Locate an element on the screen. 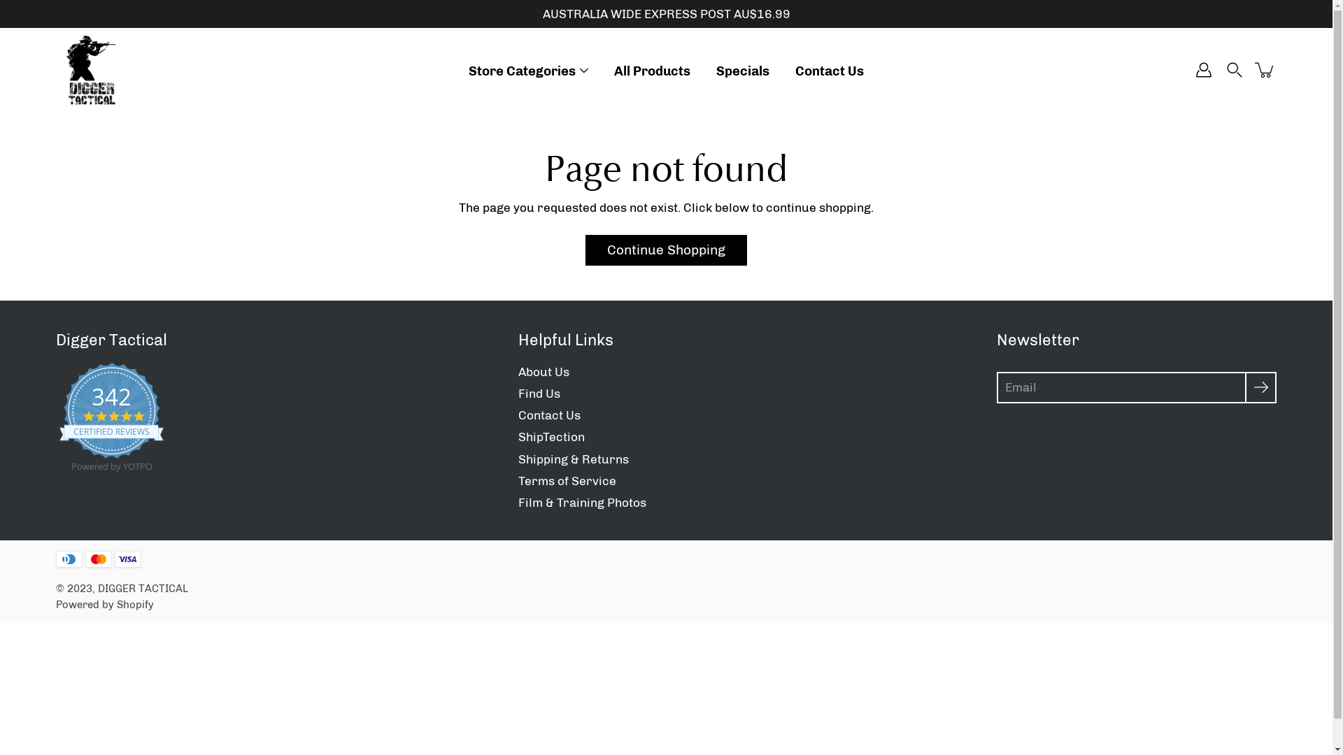  'Find Us' is located at coordinates (516, 394).